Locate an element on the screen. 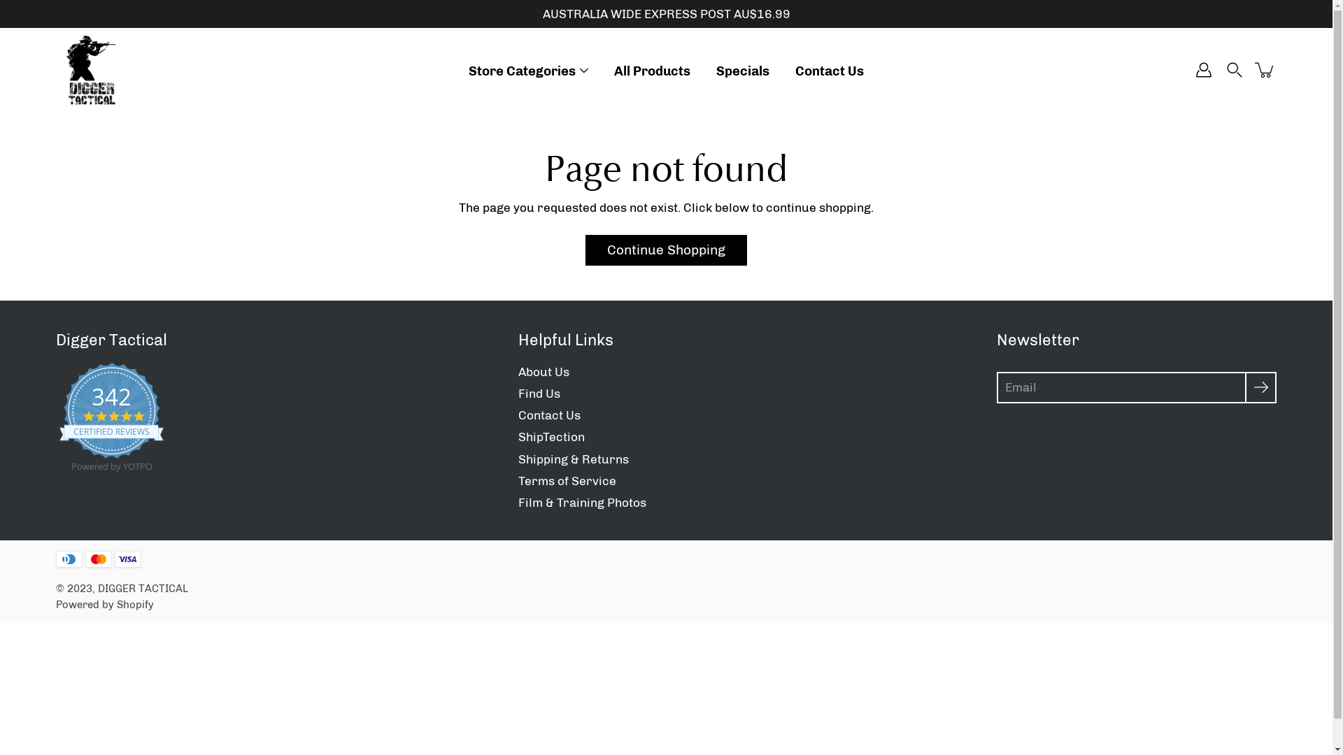  'Find Us' is located at coordinates (516, 394).